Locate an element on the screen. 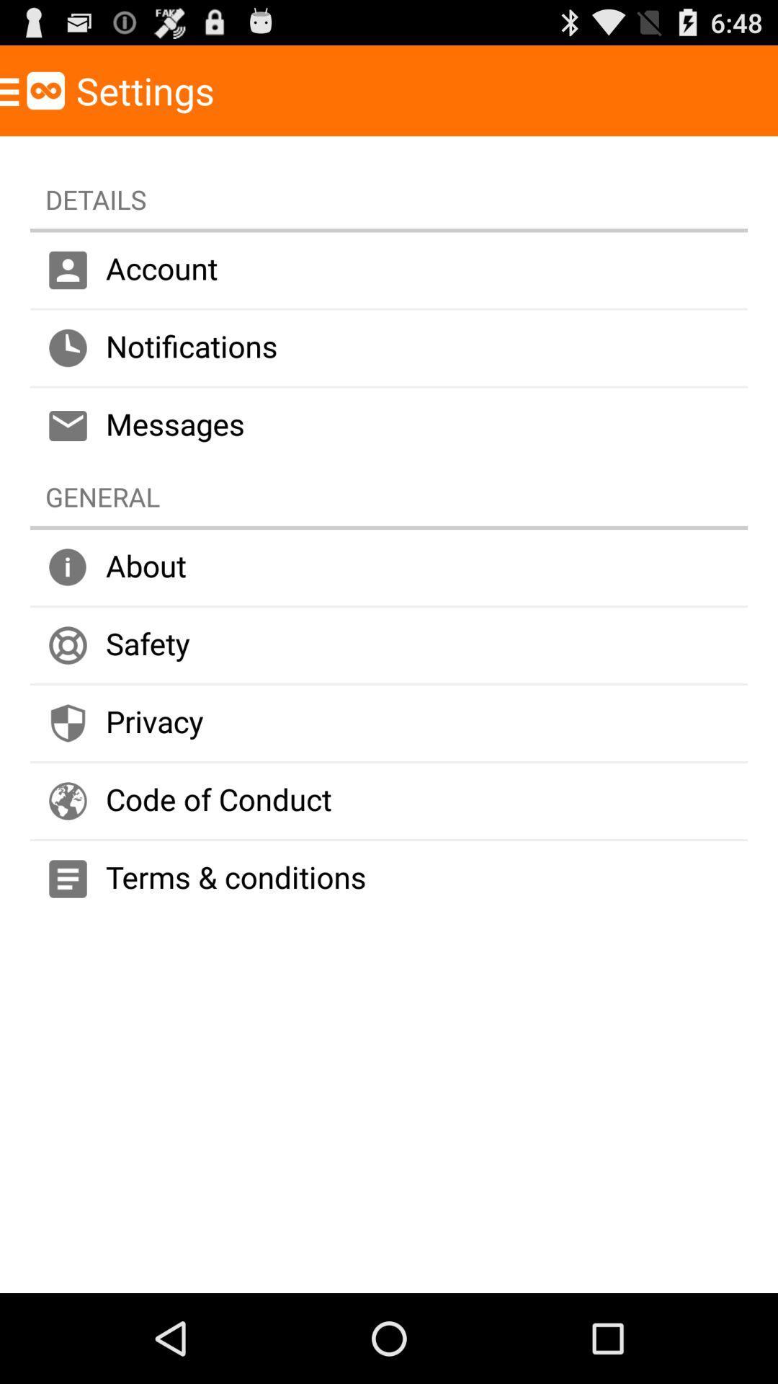  the item below safety item is located at coordinates (389, 723).